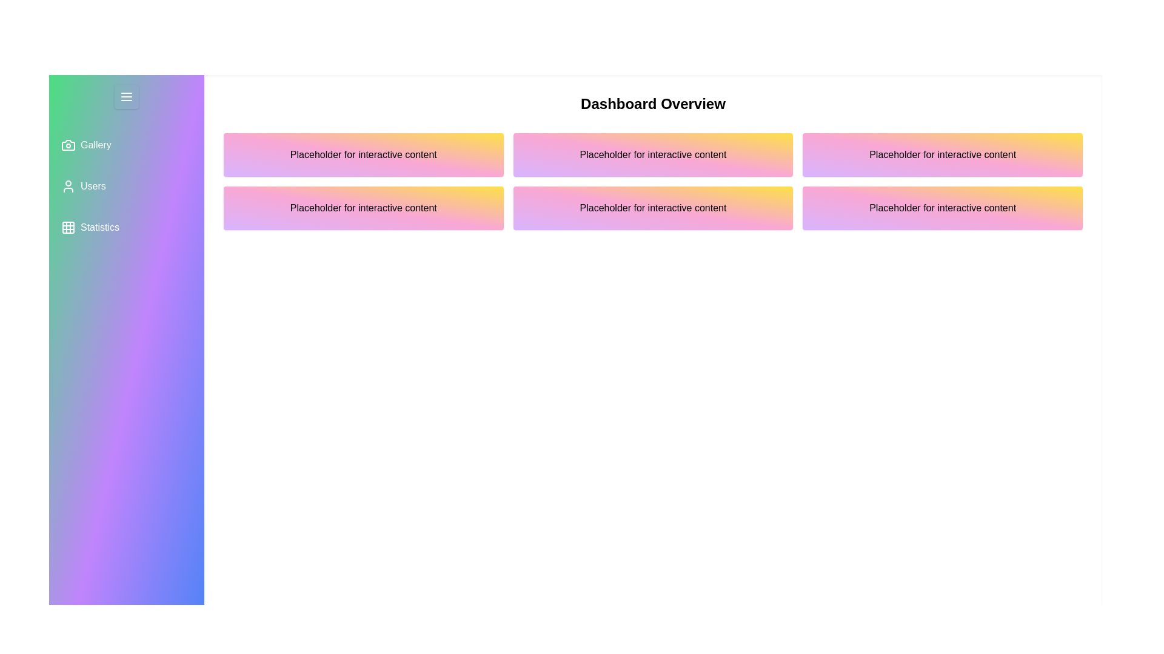 This screenshot has height=654, width=1164. What do you see at coordinates (127, 227) in the screenshot?
I see `the menu item labeled Statistics to observe its hover effect` at bounding box center [127, 227].